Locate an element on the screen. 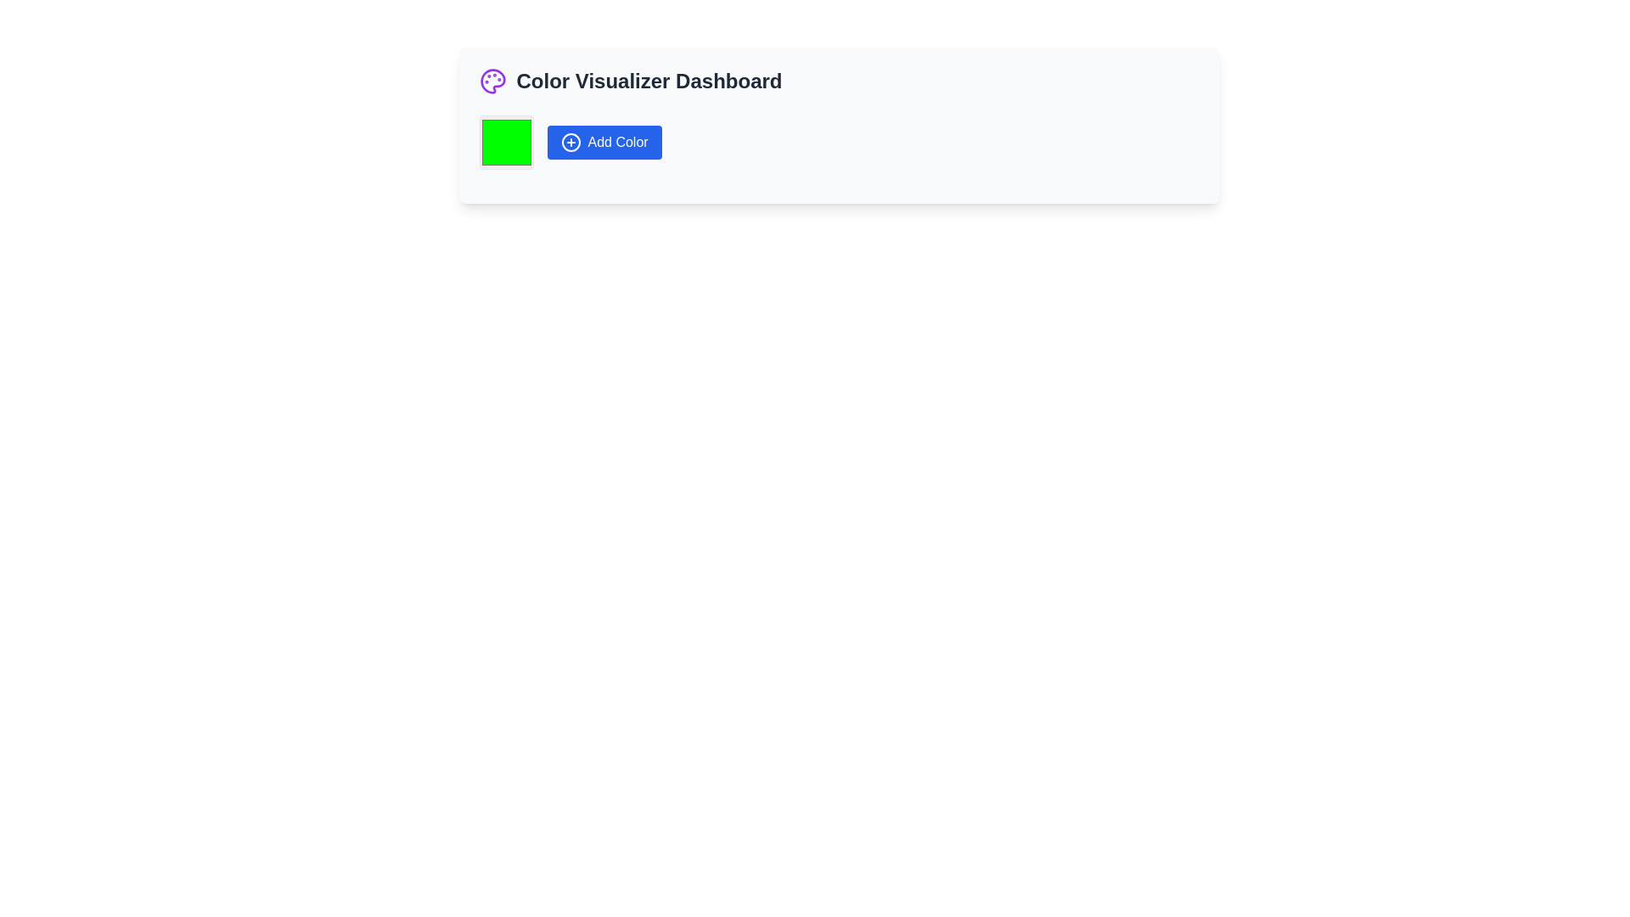 The image size is (1630, 917). the circular part of the 'Add Color' icon located to the left of the blue 'Add Color' button in the Color Visualizer Dashboard is located at coordinates (570, 142).